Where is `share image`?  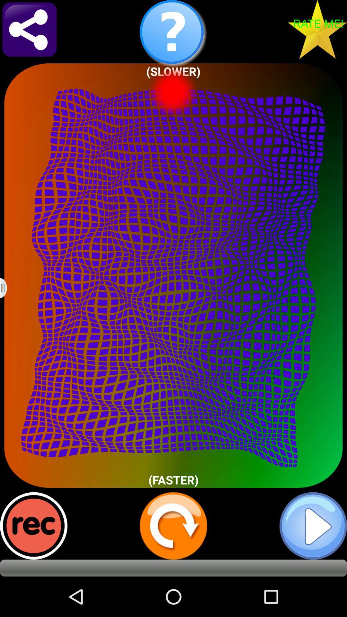
share image is located at coordinates (29, 29).